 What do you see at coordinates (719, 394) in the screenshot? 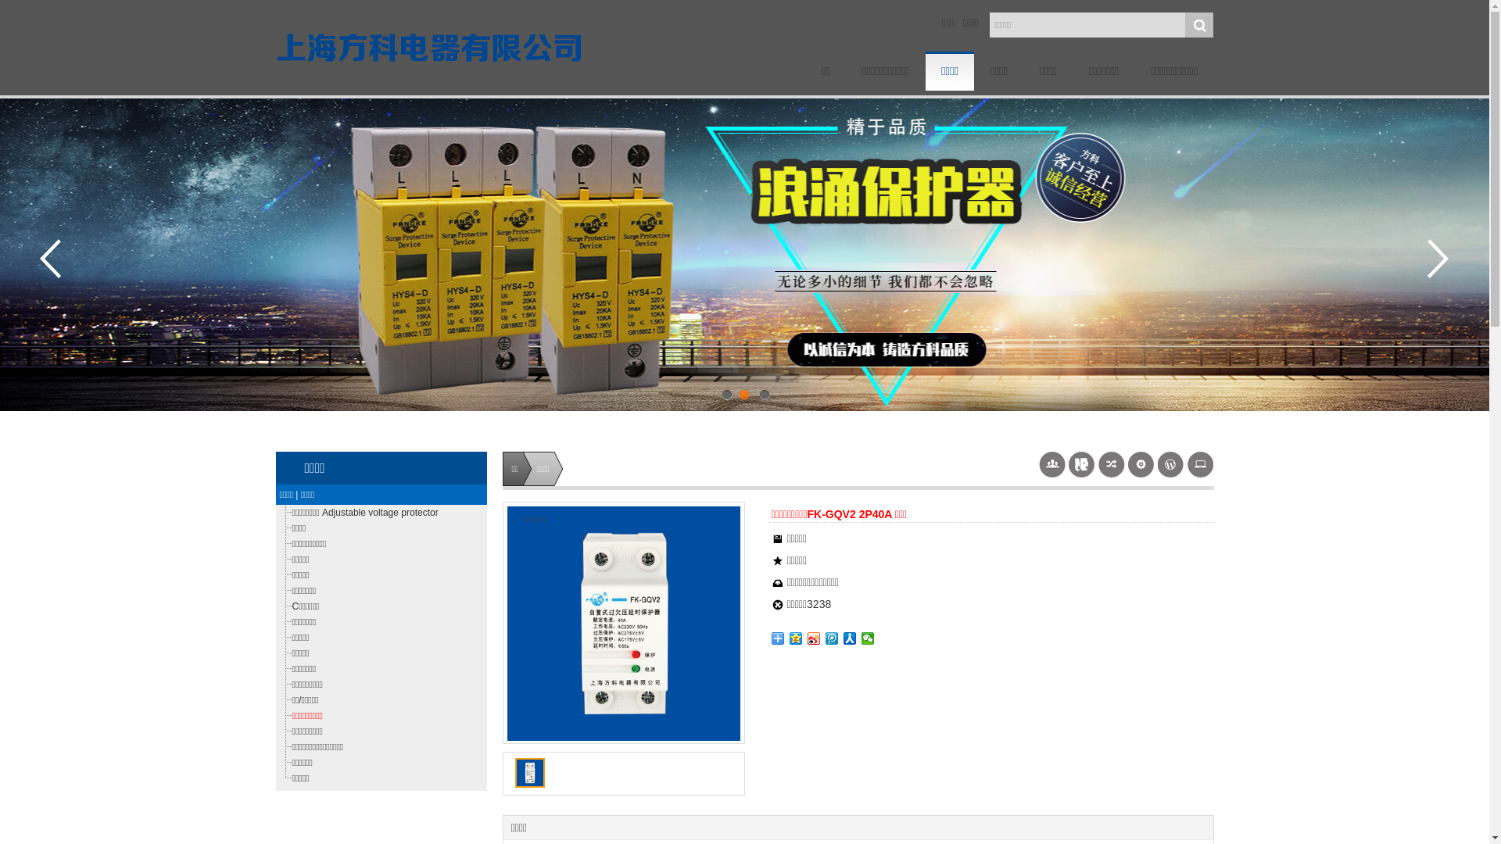
I see `'1'` at bounding box center [719, 394].